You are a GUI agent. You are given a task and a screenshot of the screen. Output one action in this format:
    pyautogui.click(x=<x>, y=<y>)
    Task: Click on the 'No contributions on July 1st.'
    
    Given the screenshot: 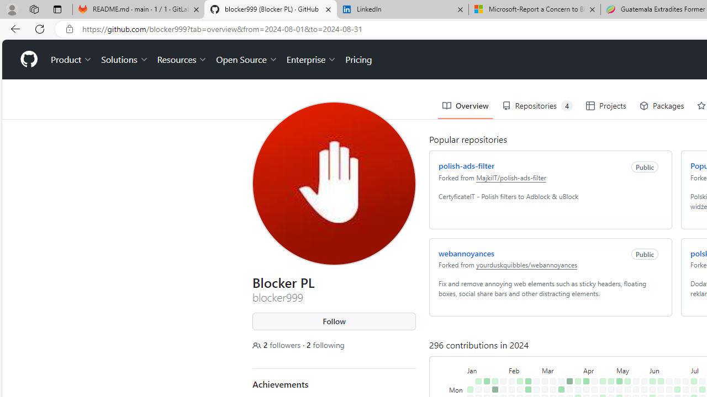 What is the action you would take?
    pyautogui.click(x=685, y=389)
    